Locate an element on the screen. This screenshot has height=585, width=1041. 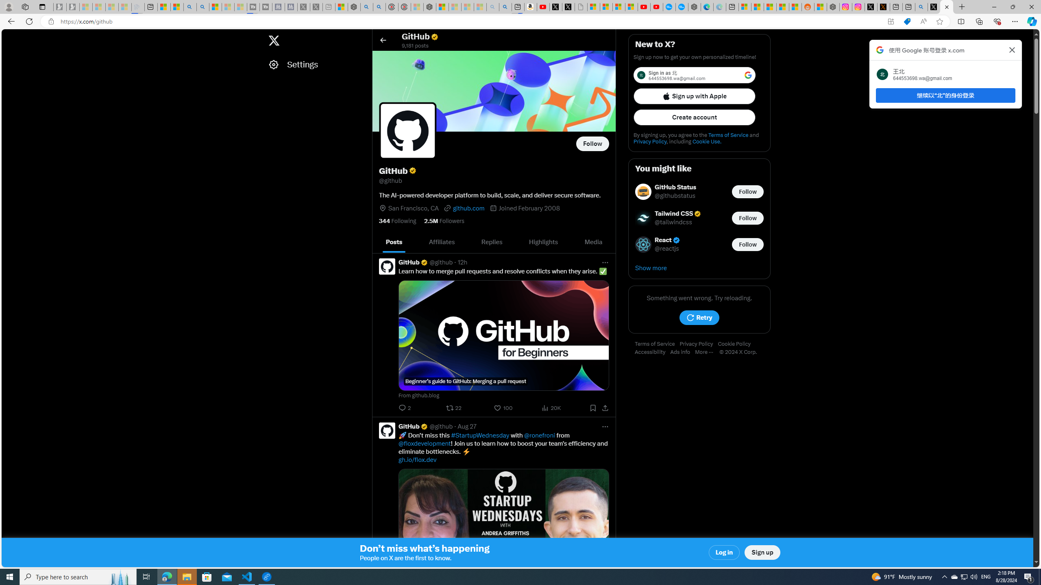
'Follow @github' is located at coordinates (592, 143).